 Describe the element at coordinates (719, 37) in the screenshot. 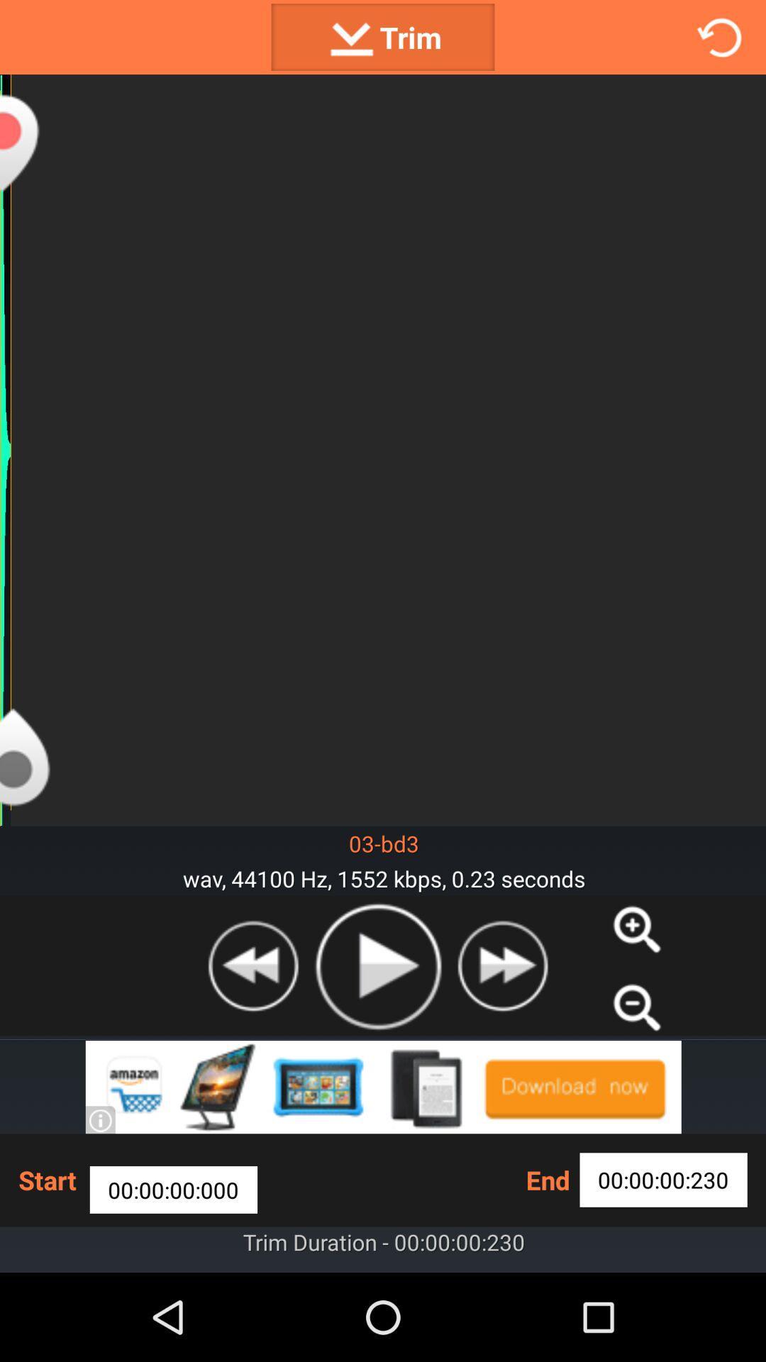

I see `refresh` at that location.